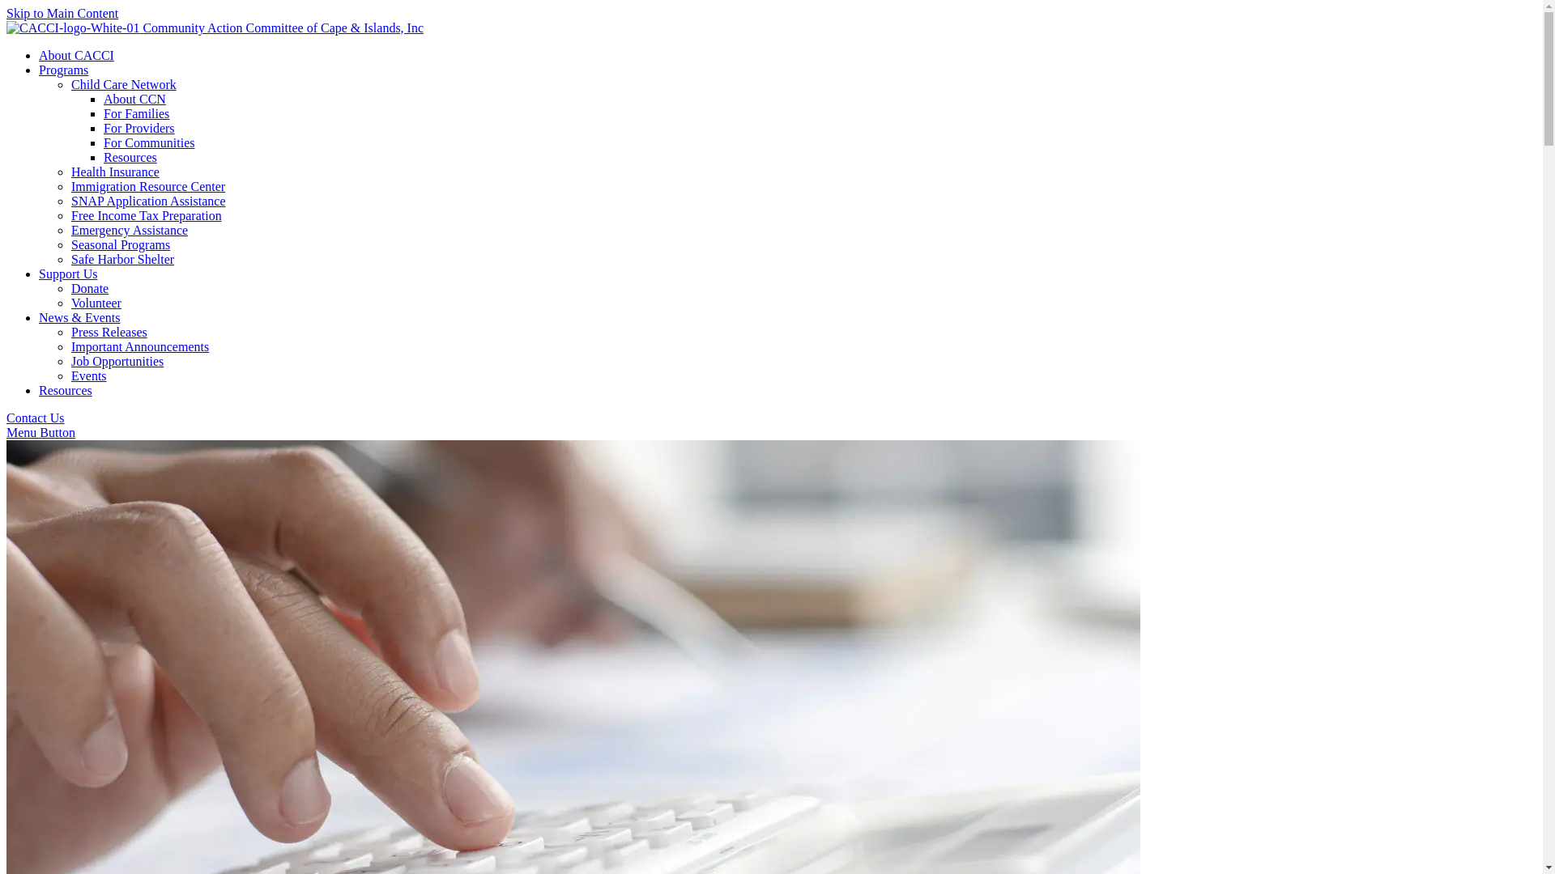 This screenshot has width=1555, height=874. What do you see at coordinates (148, 200) in the screenshot?
I see `'SNAP Application Assistance'` at bounding box center [148, 200].